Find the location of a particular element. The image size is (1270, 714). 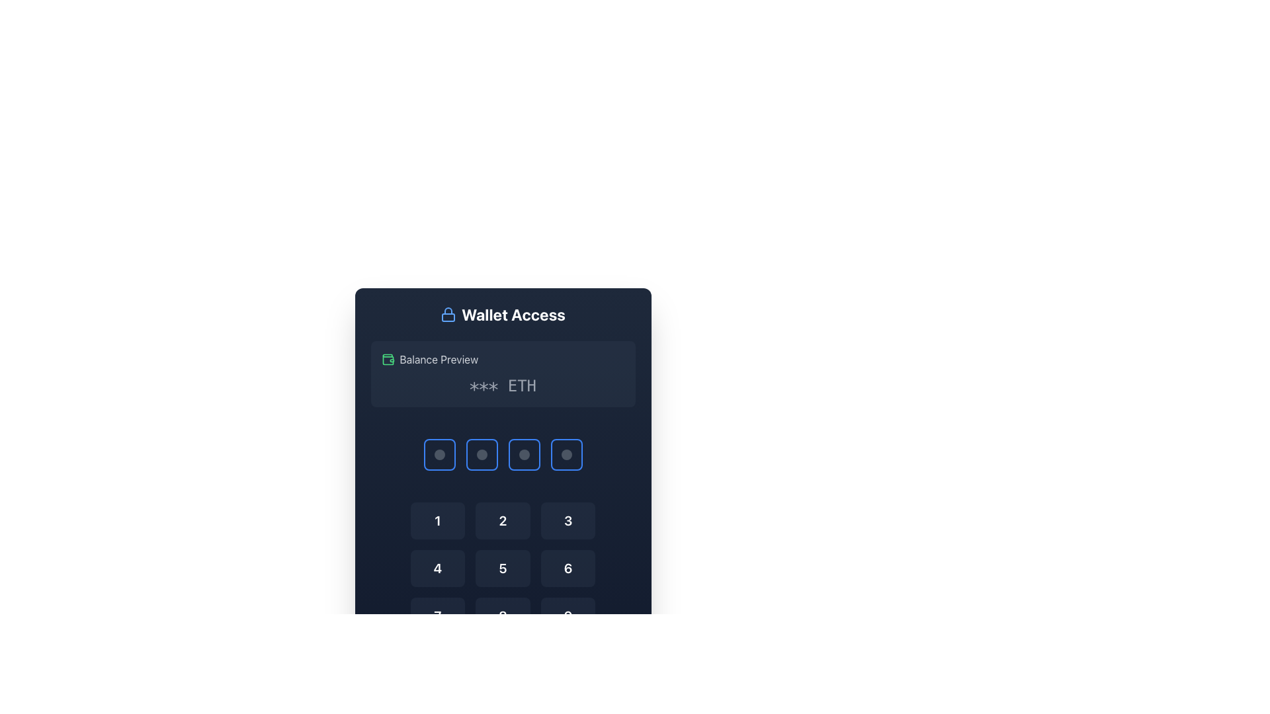

the blue outlined lock icon located to the left of the 'Wallet Access' text to potentially display a tooltip is located at coordinates (448, 314).